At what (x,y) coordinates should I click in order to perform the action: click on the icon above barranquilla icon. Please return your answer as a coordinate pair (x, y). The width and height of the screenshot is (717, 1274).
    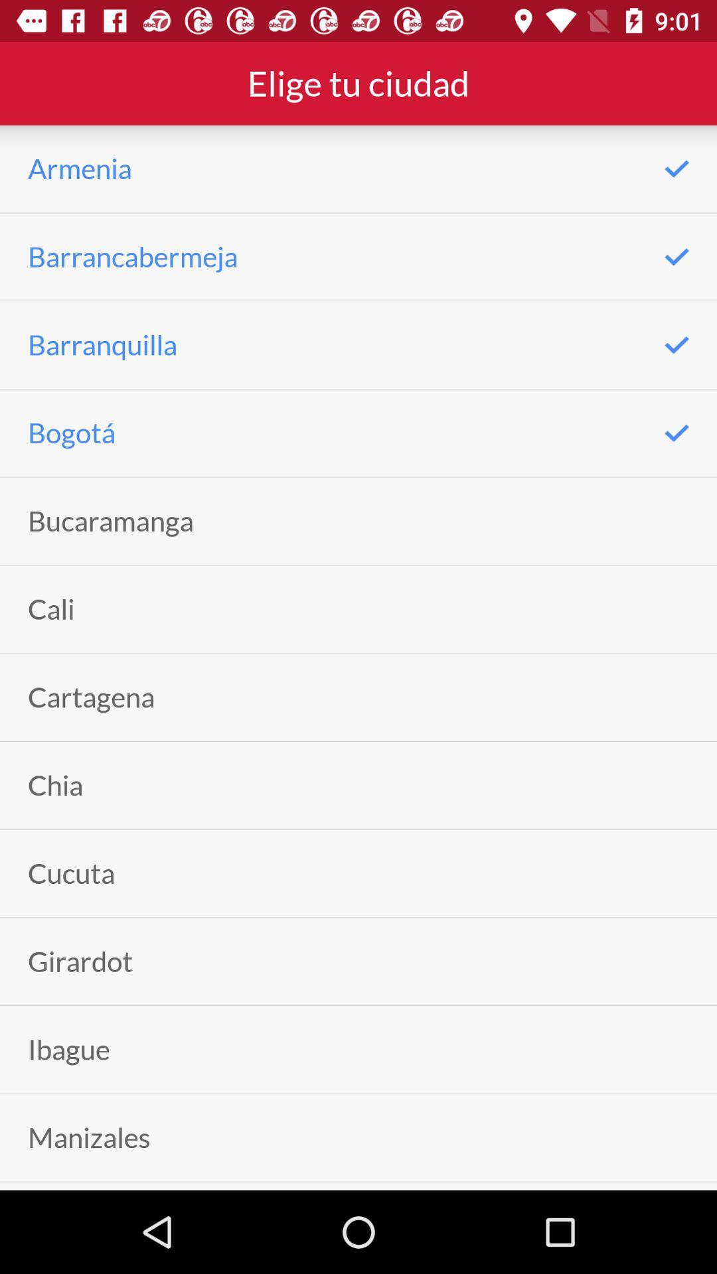
    Looking at the image, I should click on (133, 257).